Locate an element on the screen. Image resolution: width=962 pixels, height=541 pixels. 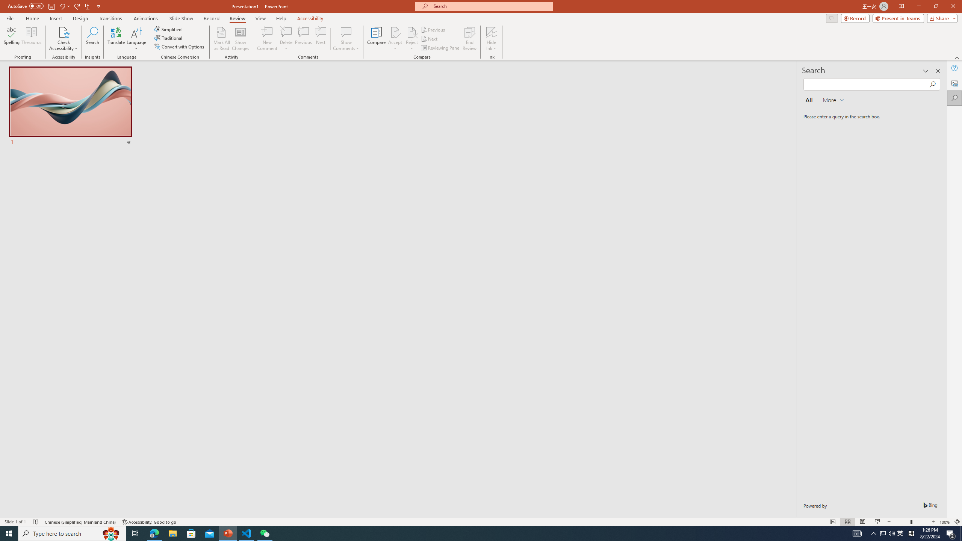
'Show Comments' is located at coordinates (346, 32).